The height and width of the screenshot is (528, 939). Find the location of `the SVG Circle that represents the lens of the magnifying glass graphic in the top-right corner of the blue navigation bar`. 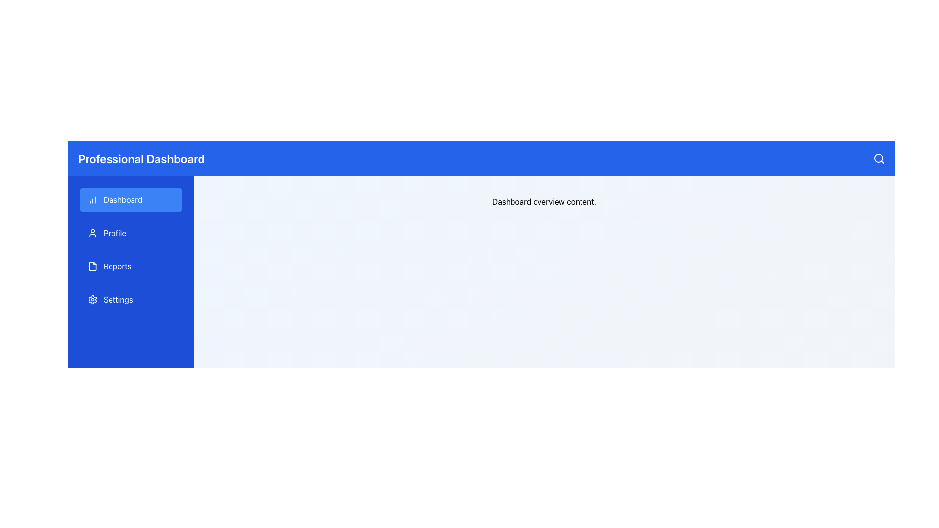

the SVG Circle that represents the lens of the magnifying glass graphic in the top-right corner of the blue navigation bar is located at coordinates (878, 158).